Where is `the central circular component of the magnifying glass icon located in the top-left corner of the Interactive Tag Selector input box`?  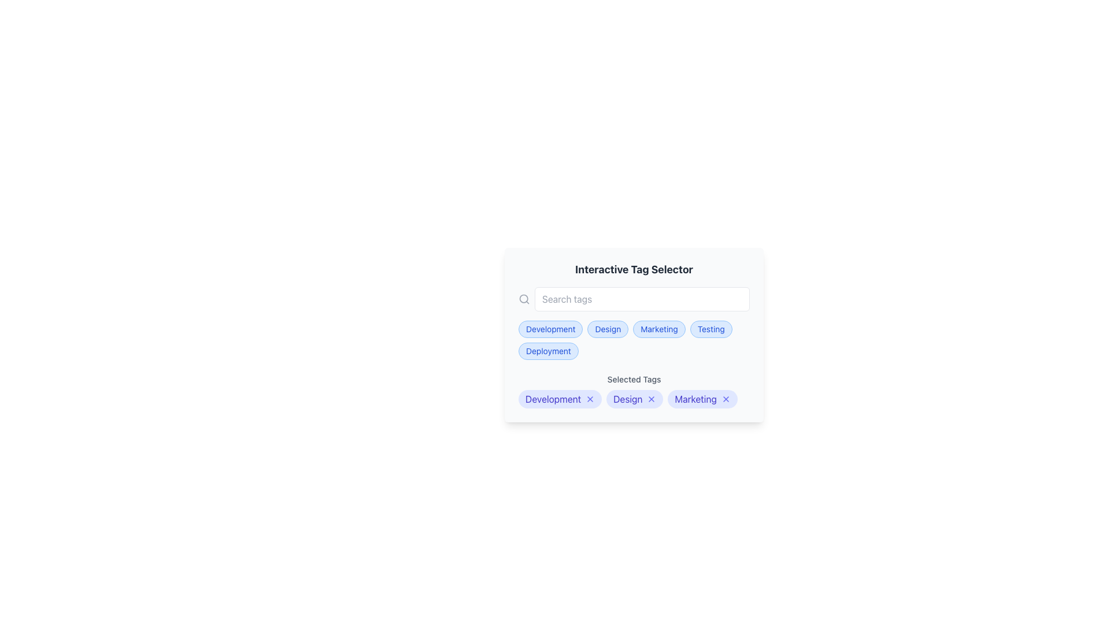
the central circular component of the magnifying glass icon located in the top-left corner of the Interactive Tag Selector input box is located at coordinates (523, 298).